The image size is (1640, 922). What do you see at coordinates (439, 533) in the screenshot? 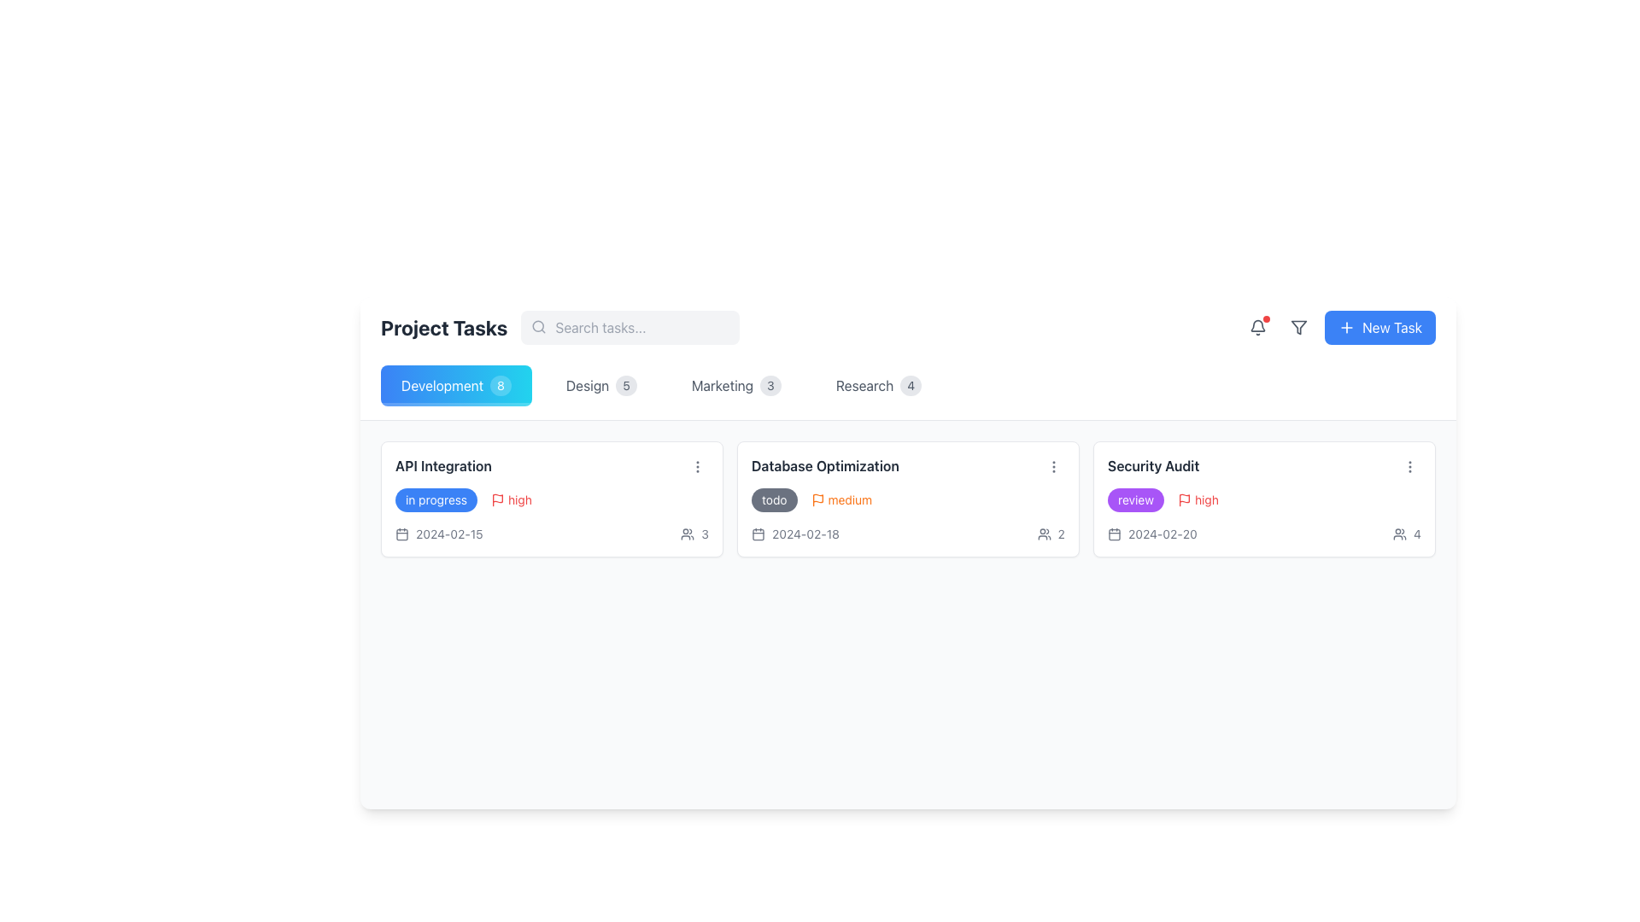
I see `the date '2024-02-15' or the calendar icon` at bounding box center [439, 533].